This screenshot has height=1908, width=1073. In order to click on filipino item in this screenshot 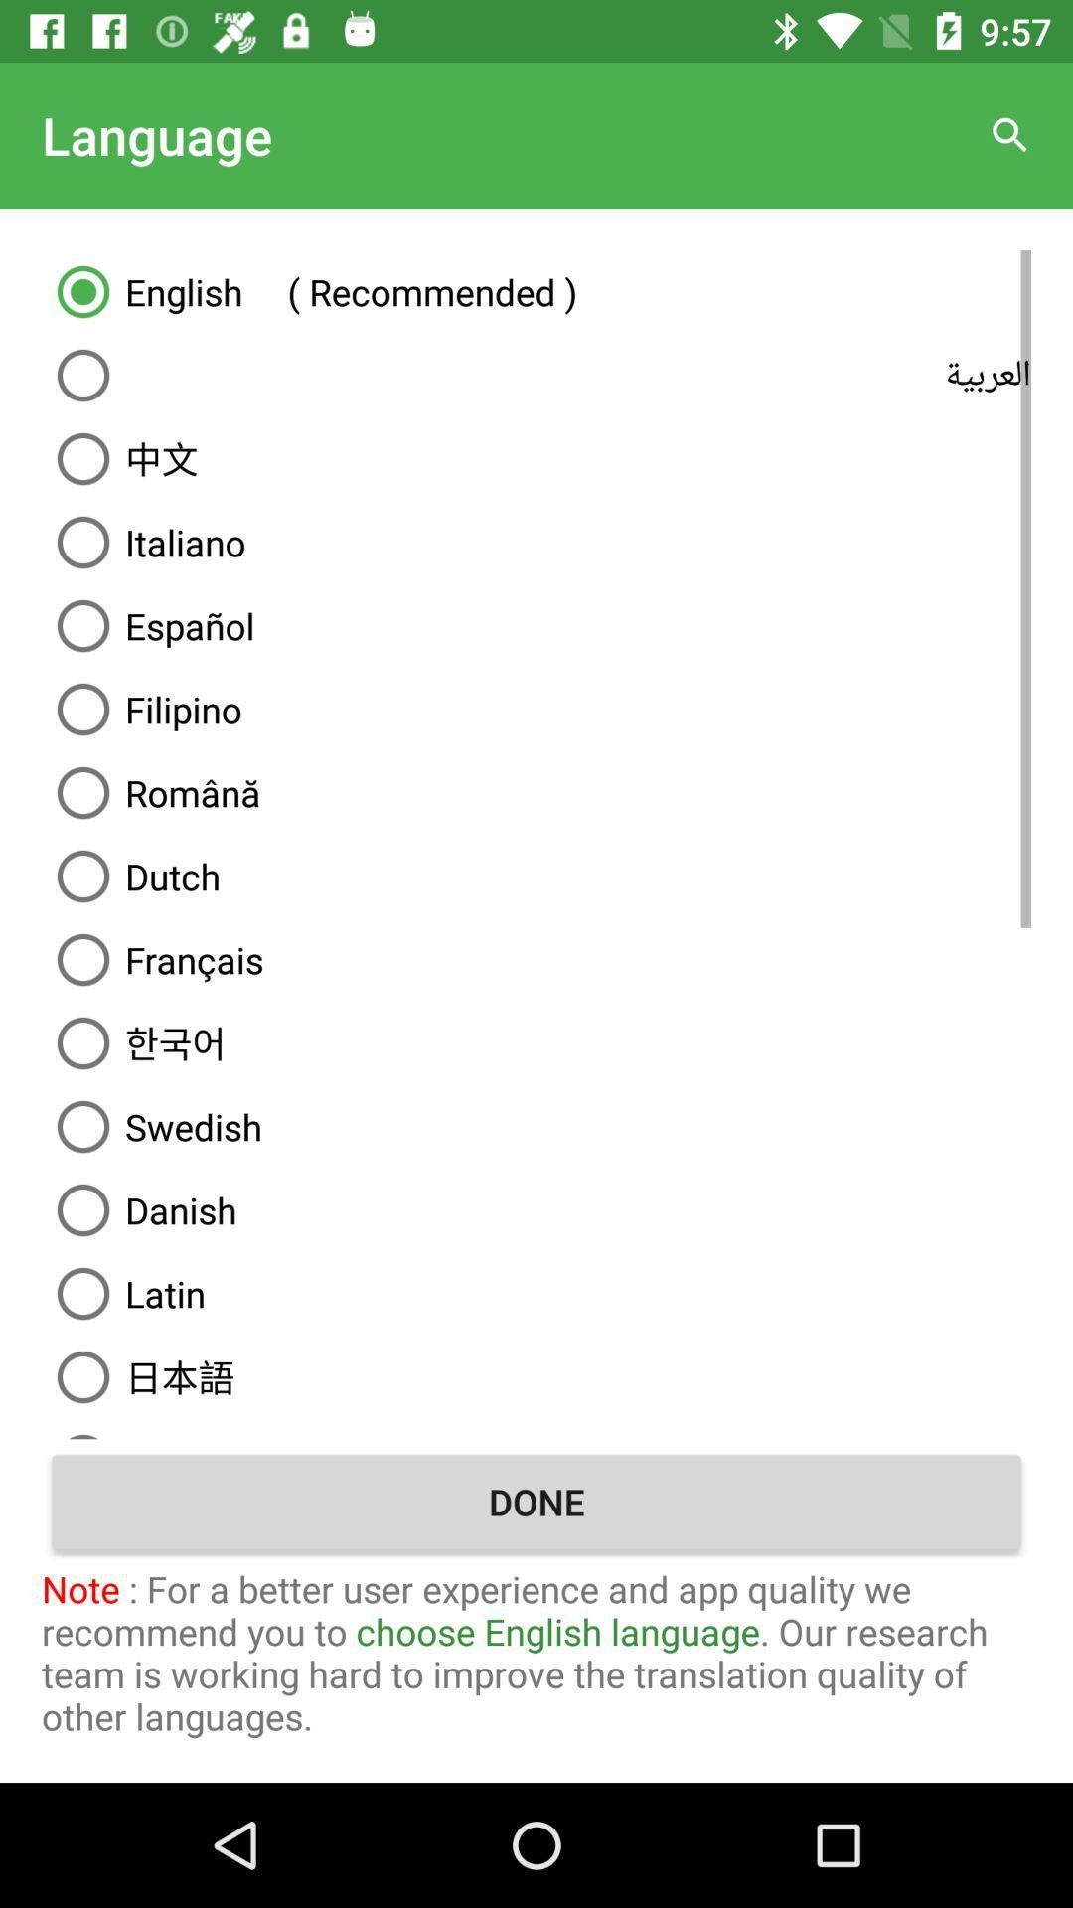, I will do `click(536, 710)`.